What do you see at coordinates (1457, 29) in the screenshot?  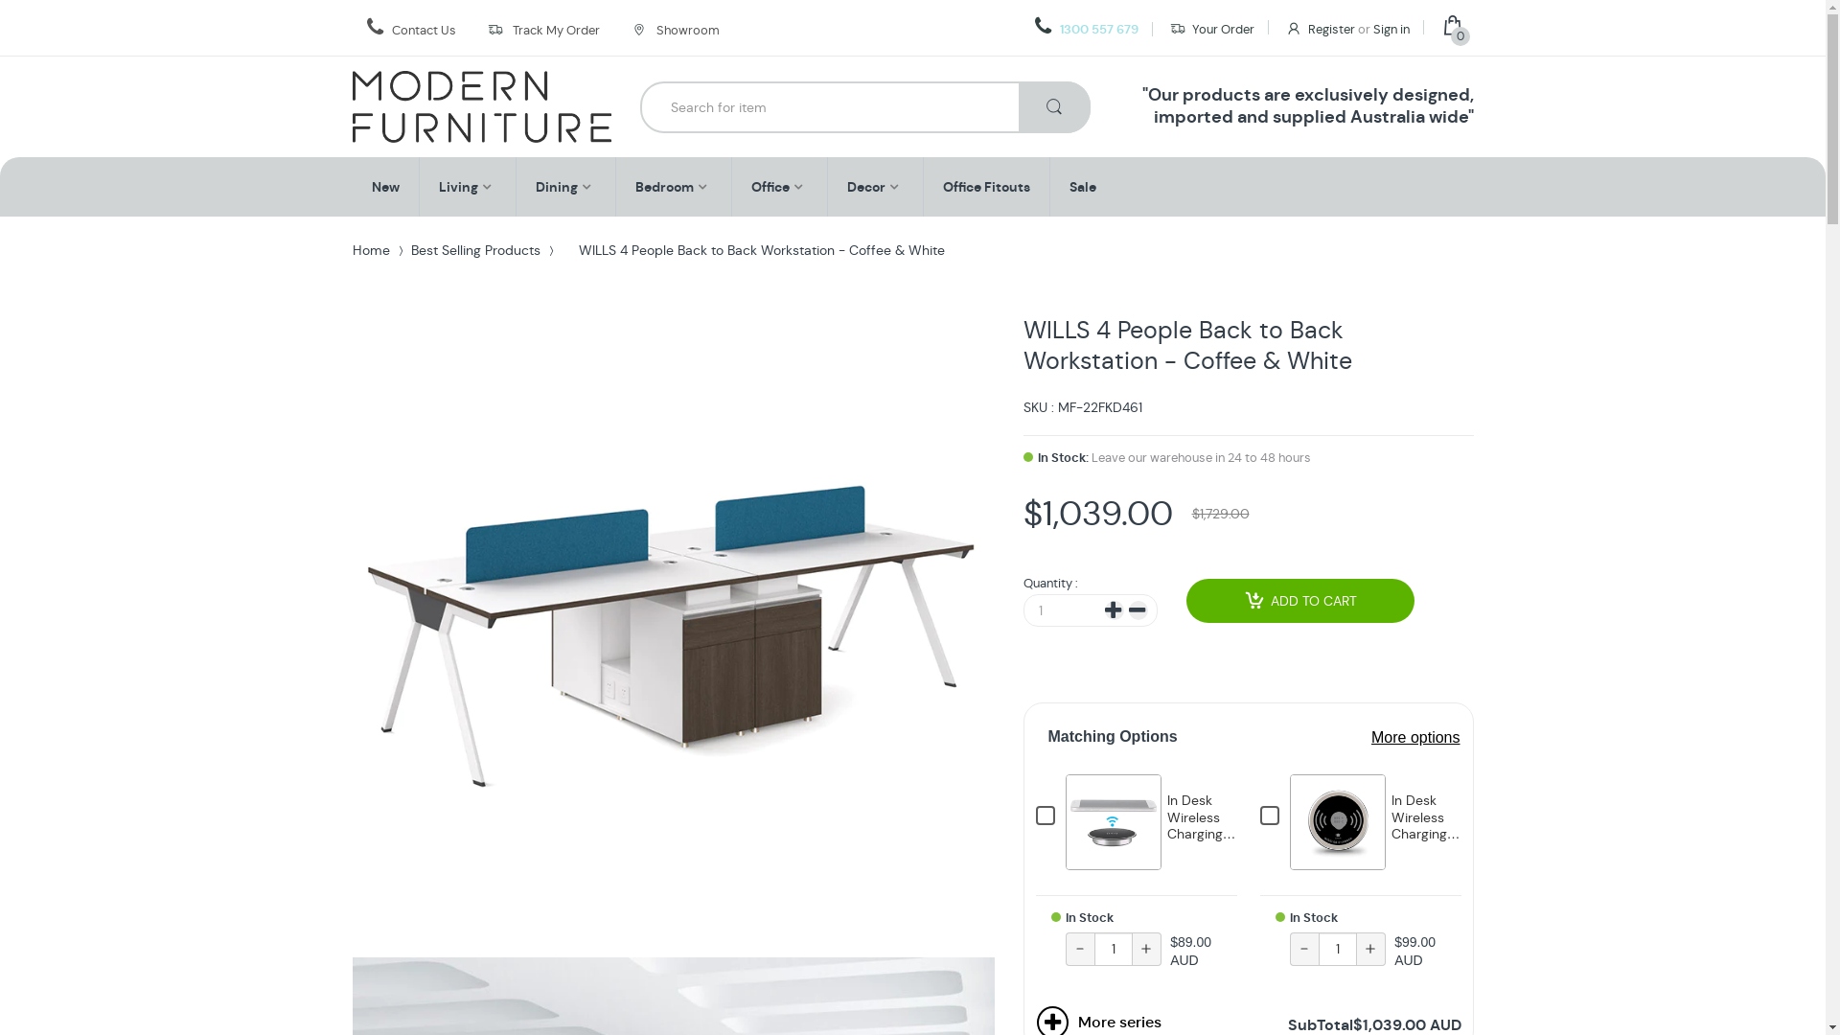 I see `'0'` at bounding box center [1457, 29].